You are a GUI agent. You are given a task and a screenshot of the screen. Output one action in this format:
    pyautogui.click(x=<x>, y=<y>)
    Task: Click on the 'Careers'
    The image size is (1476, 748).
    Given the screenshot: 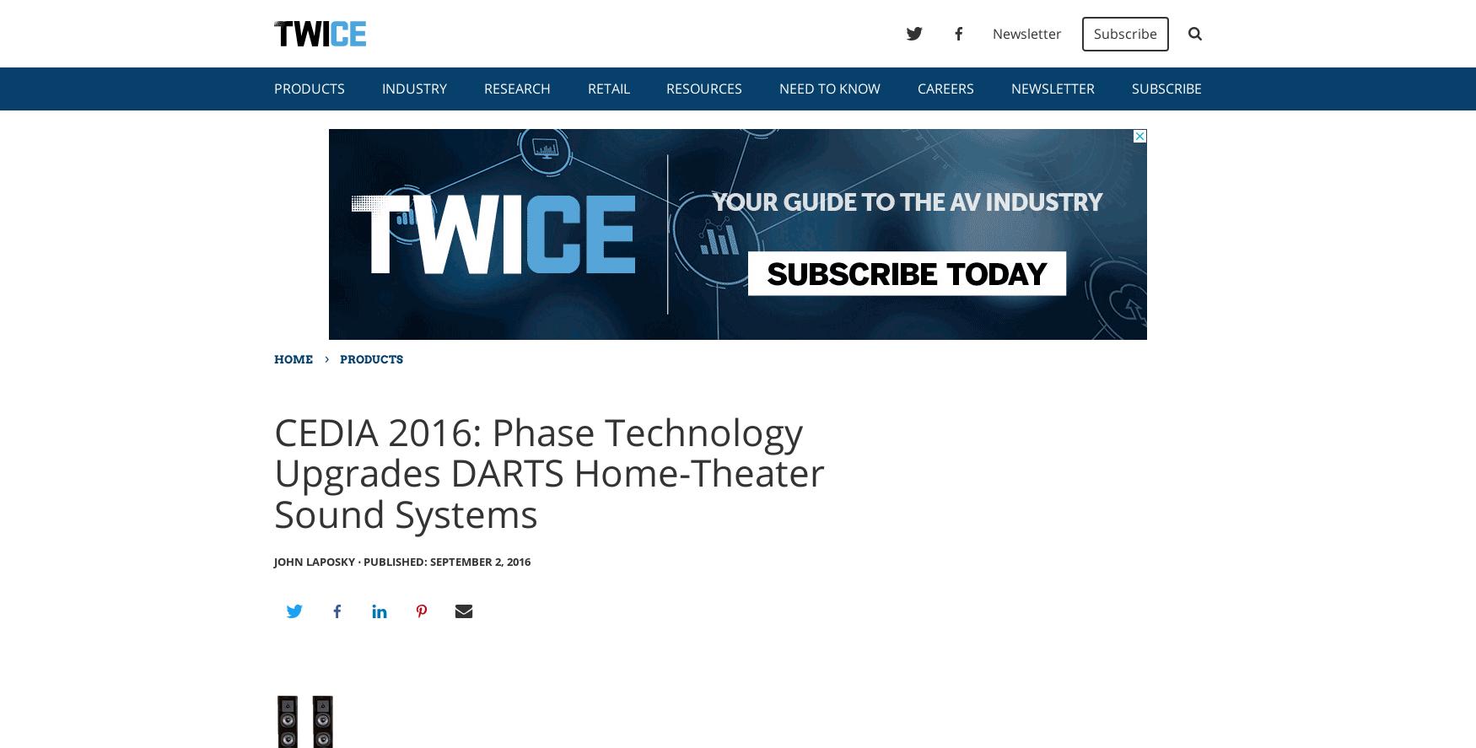 What is the action you would take?
    pyautogui.click(x=945, y=89)
    